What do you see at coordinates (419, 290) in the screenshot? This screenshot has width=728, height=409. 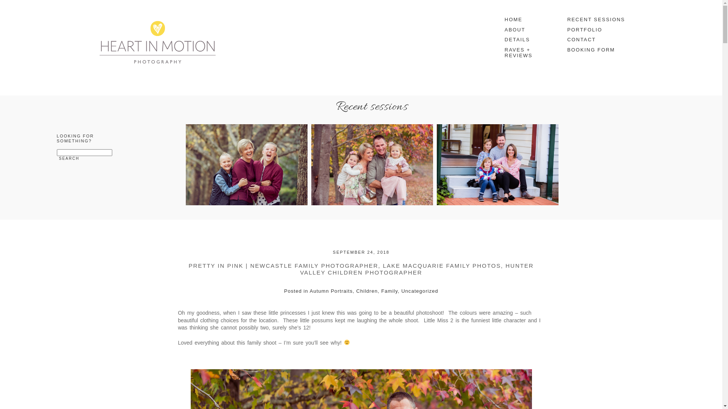 I see `'Uncategorized'` at bounding box center [419, 290].